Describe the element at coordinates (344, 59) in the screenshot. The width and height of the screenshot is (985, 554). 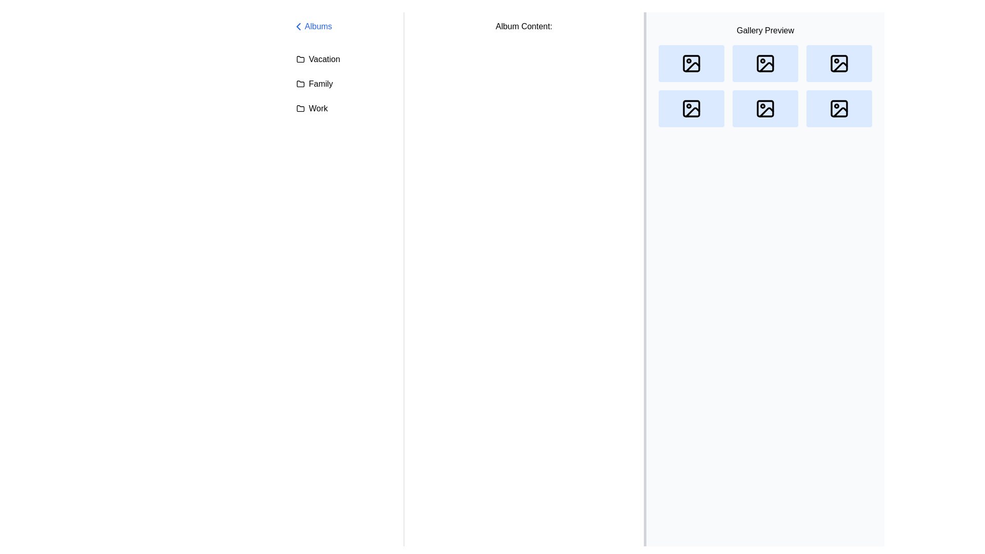
I see `the first selectable item in the vertical list under the 'Albums' section` at that location.